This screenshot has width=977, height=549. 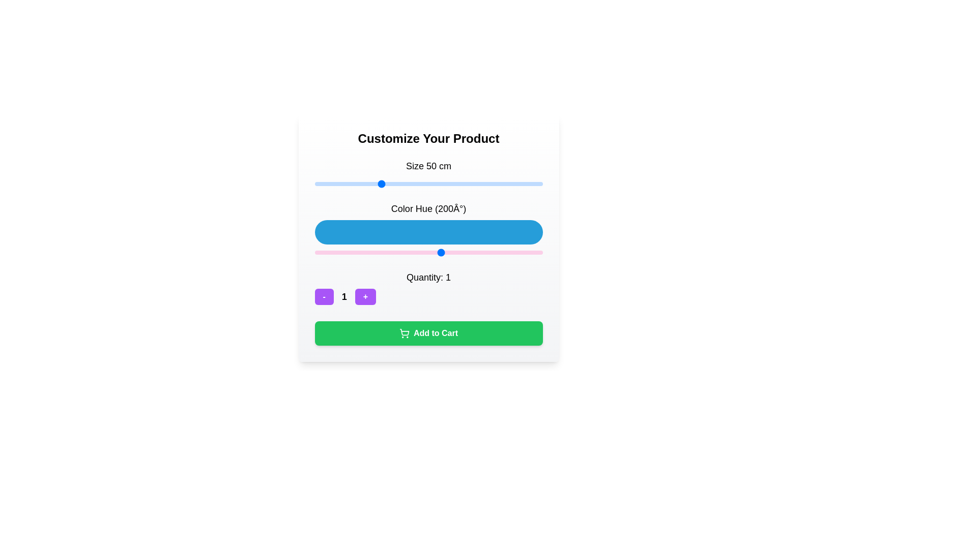 What do you see at coordinates (428, 184) in the screenshot?
I see `the track of the horizontal slider located beneath the text 'Size 50 cm' to adjust the size` at bounding box center [428, 184].